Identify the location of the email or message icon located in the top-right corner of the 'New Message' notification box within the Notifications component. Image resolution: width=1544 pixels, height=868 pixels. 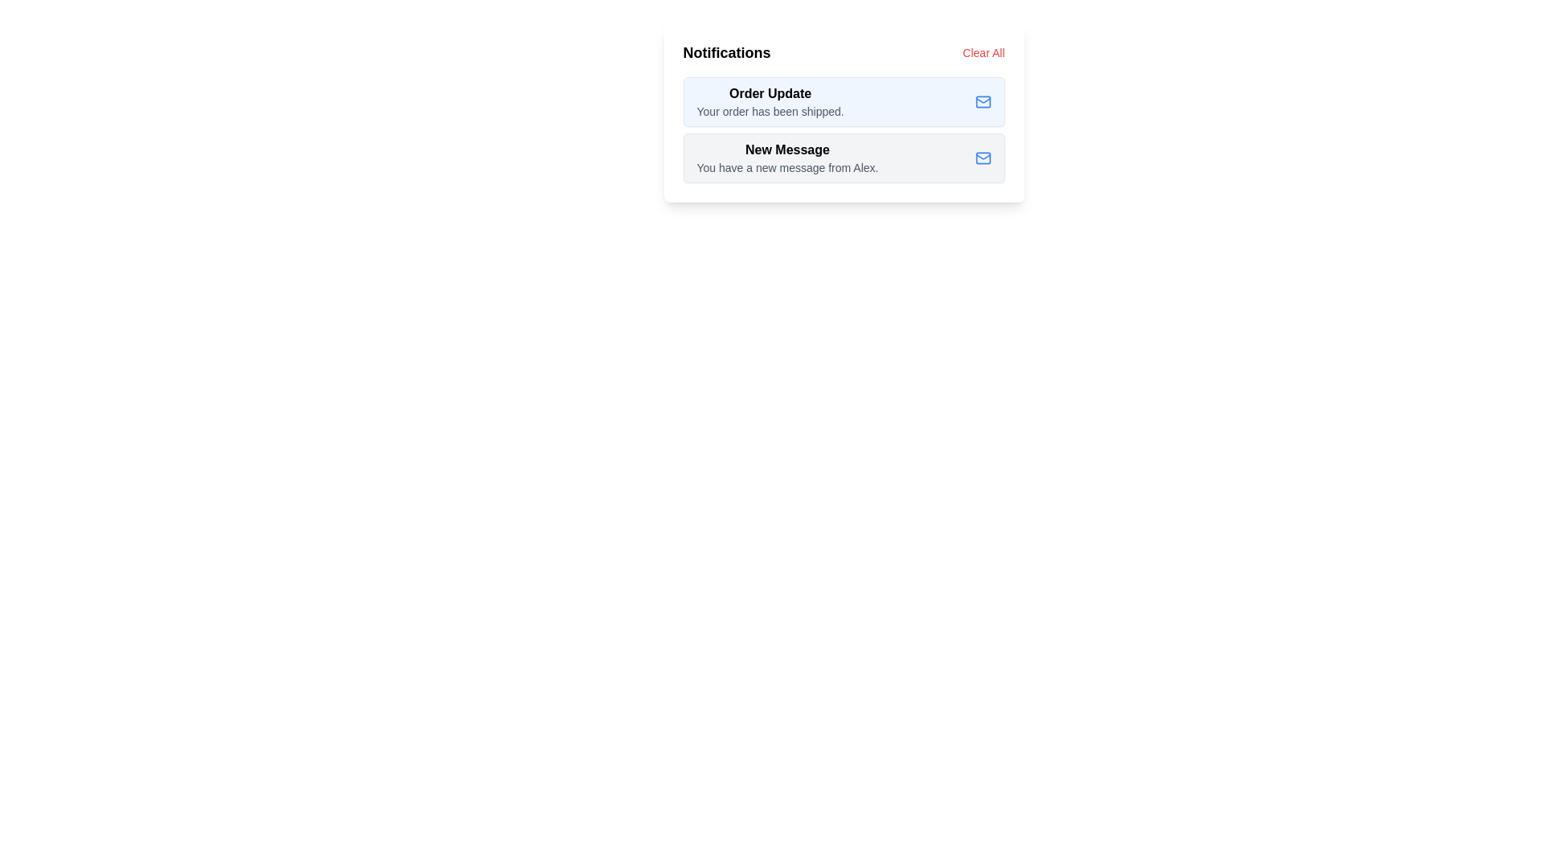
(982, 158).